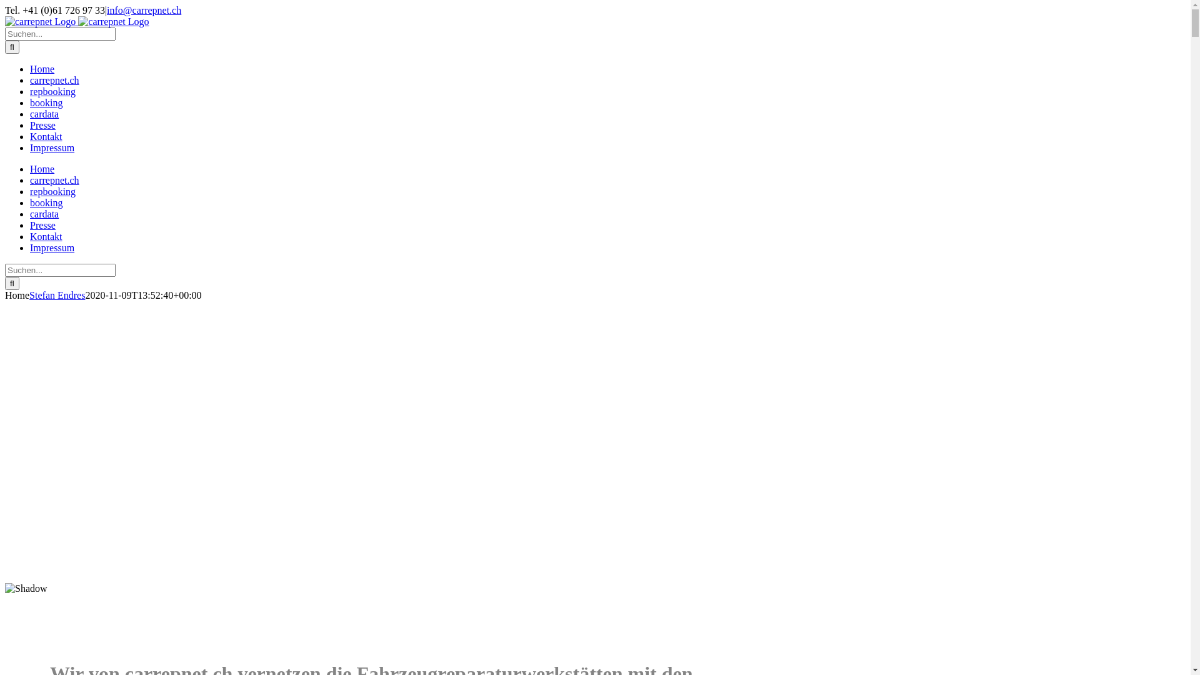  I want to click on 'repbooking', so click(30, 191).